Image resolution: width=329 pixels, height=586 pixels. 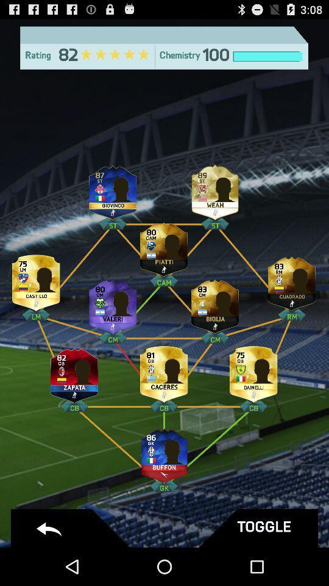 I want to click on the group icon, so click(x=164, y=397).